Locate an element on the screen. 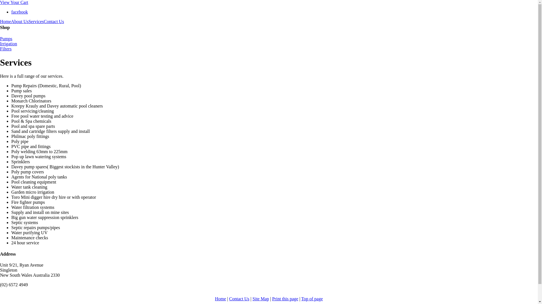 The image size is (542, 304). 'Services' is located at coordinates (36, 21).